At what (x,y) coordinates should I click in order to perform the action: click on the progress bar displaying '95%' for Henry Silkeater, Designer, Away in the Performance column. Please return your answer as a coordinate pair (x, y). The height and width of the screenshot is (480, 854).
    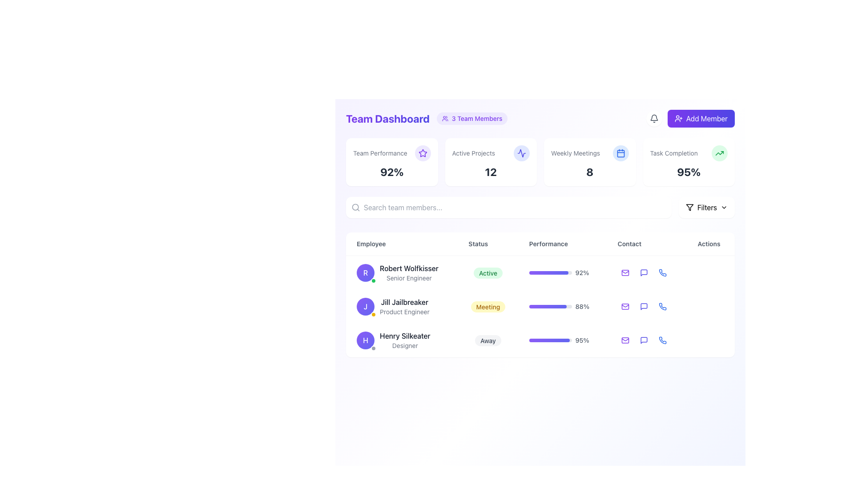
    Looking at the image, I should click on (562, 340).